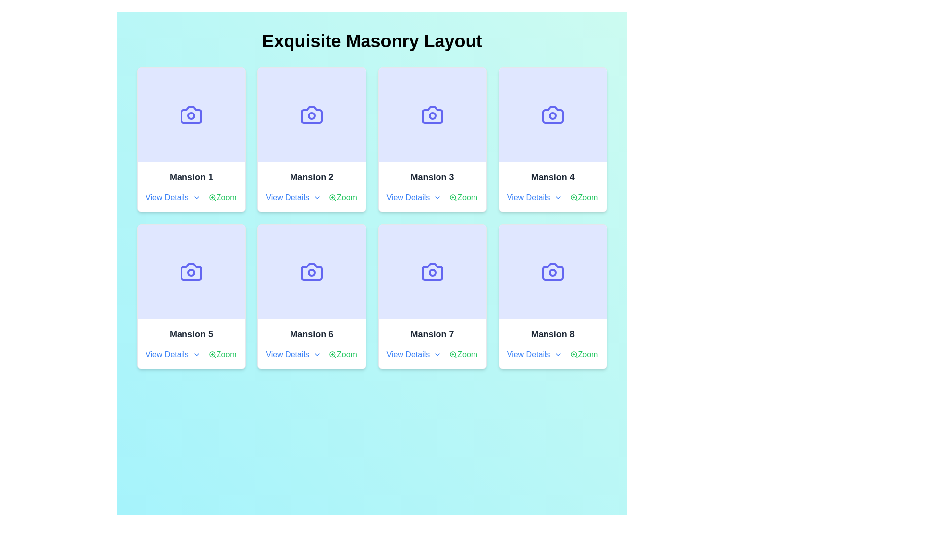 Image resolution: width=947 pixels, height=533 pixels. Describe the element at coordinates (191, 272) in the screenshot. I see `the camera-shaped icon with a bold indigo outline, located in the fifth card of an eight-card grid, centered above the 'Mansion 5' text` at that location.